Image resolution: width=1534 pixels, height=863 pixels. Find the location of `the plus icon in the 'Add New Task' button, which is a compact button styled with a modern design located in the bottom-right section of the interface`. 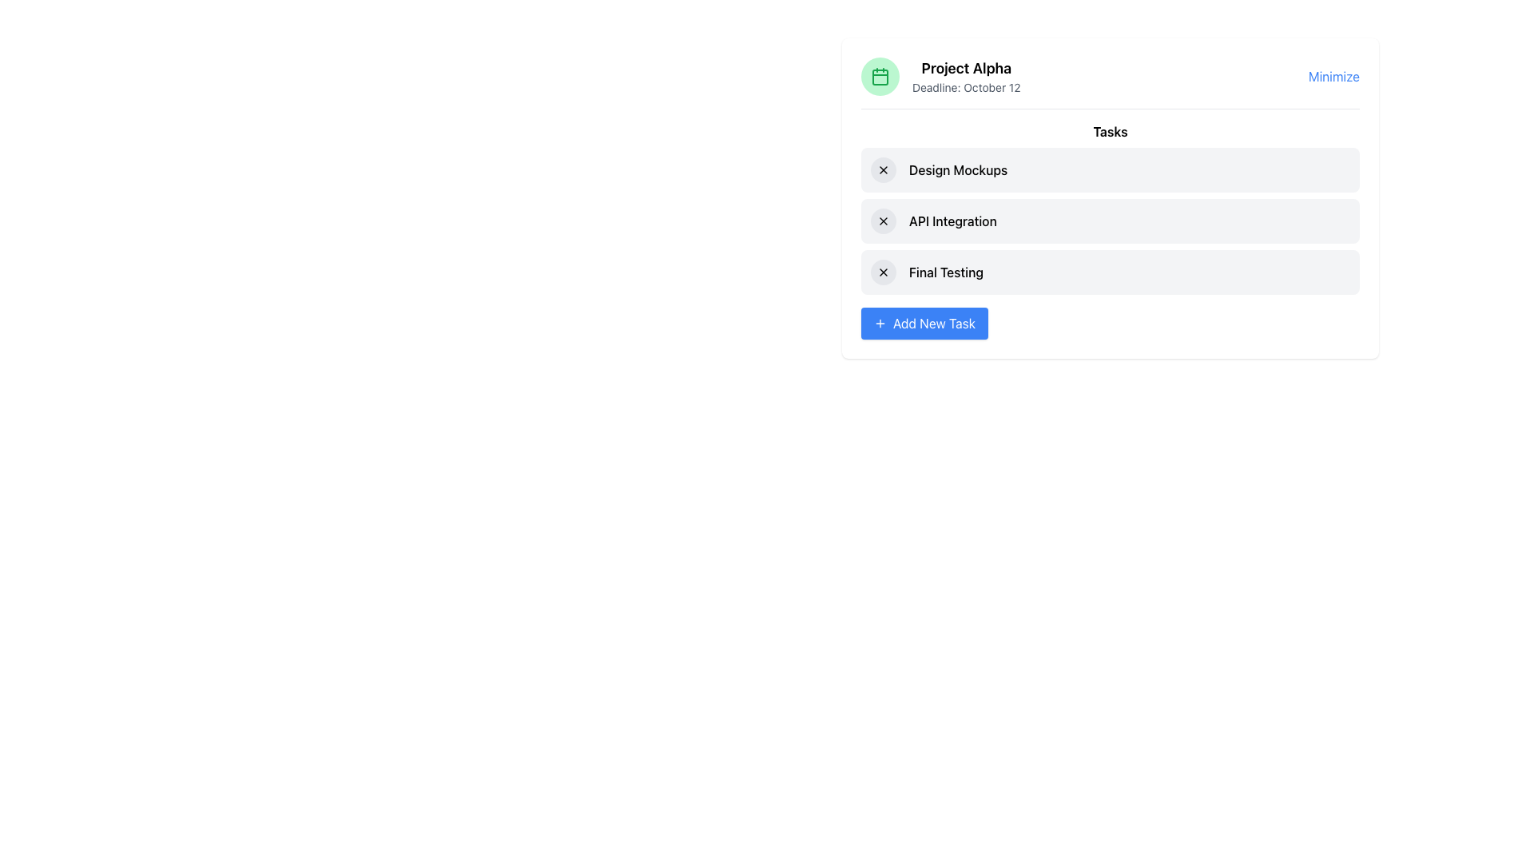

the plus icon in the 'Add New Task' button, which is a compact button styled with a modern design located in the bottom-right section of the interface is located at coordinates (880, 324).